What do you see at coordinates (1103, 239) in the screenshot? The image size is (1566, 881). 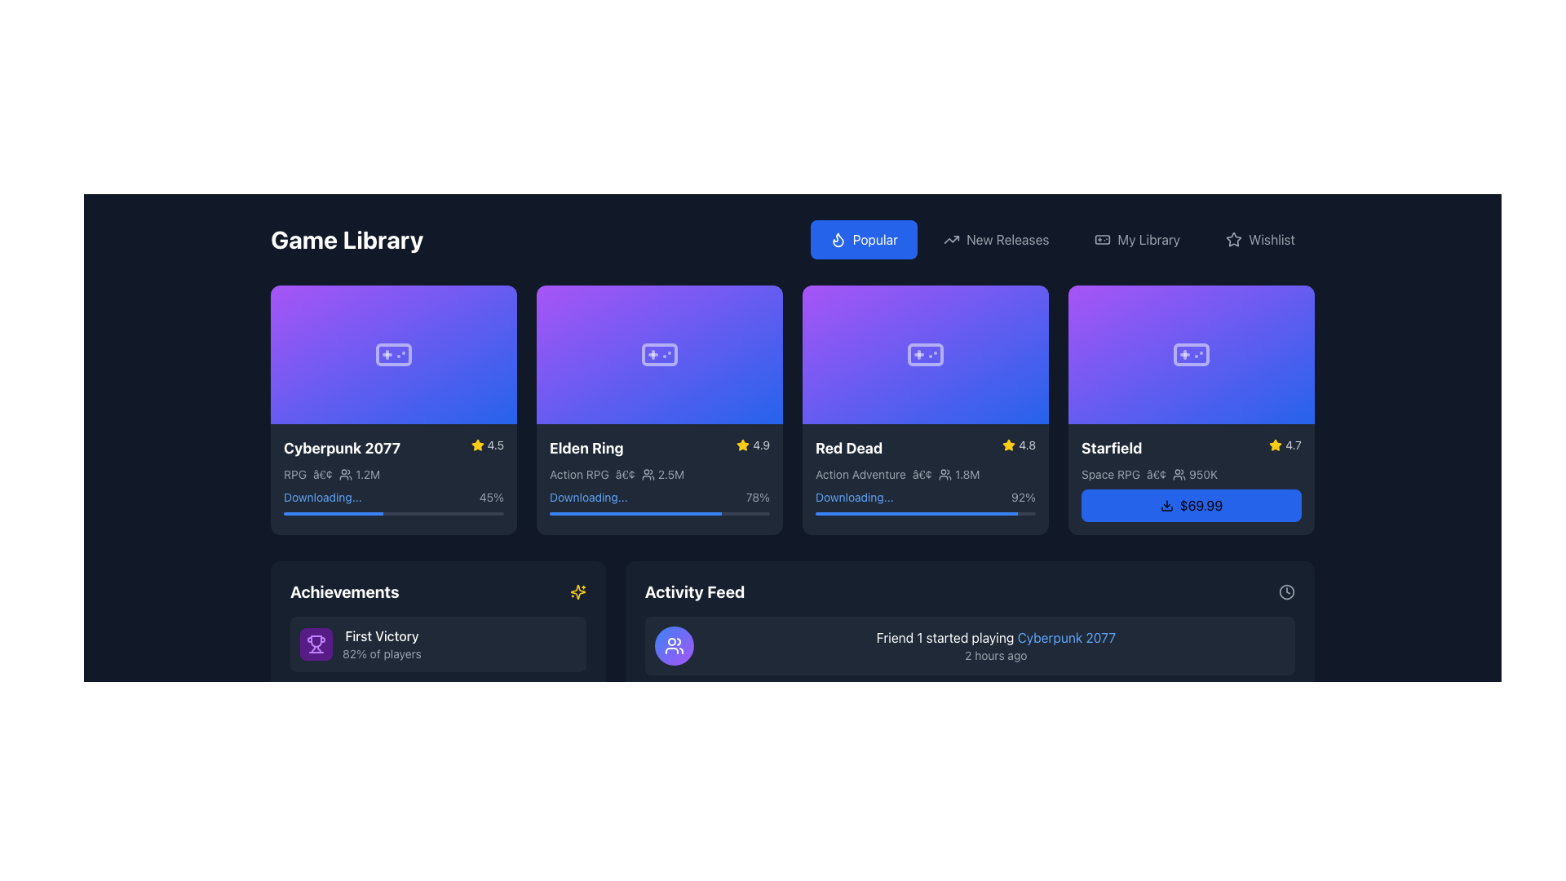 I see `the rounded rectangle button inside the gamepad icon SVG element, which is the largest rectangular component without text` at bounding box center [1103, 239].